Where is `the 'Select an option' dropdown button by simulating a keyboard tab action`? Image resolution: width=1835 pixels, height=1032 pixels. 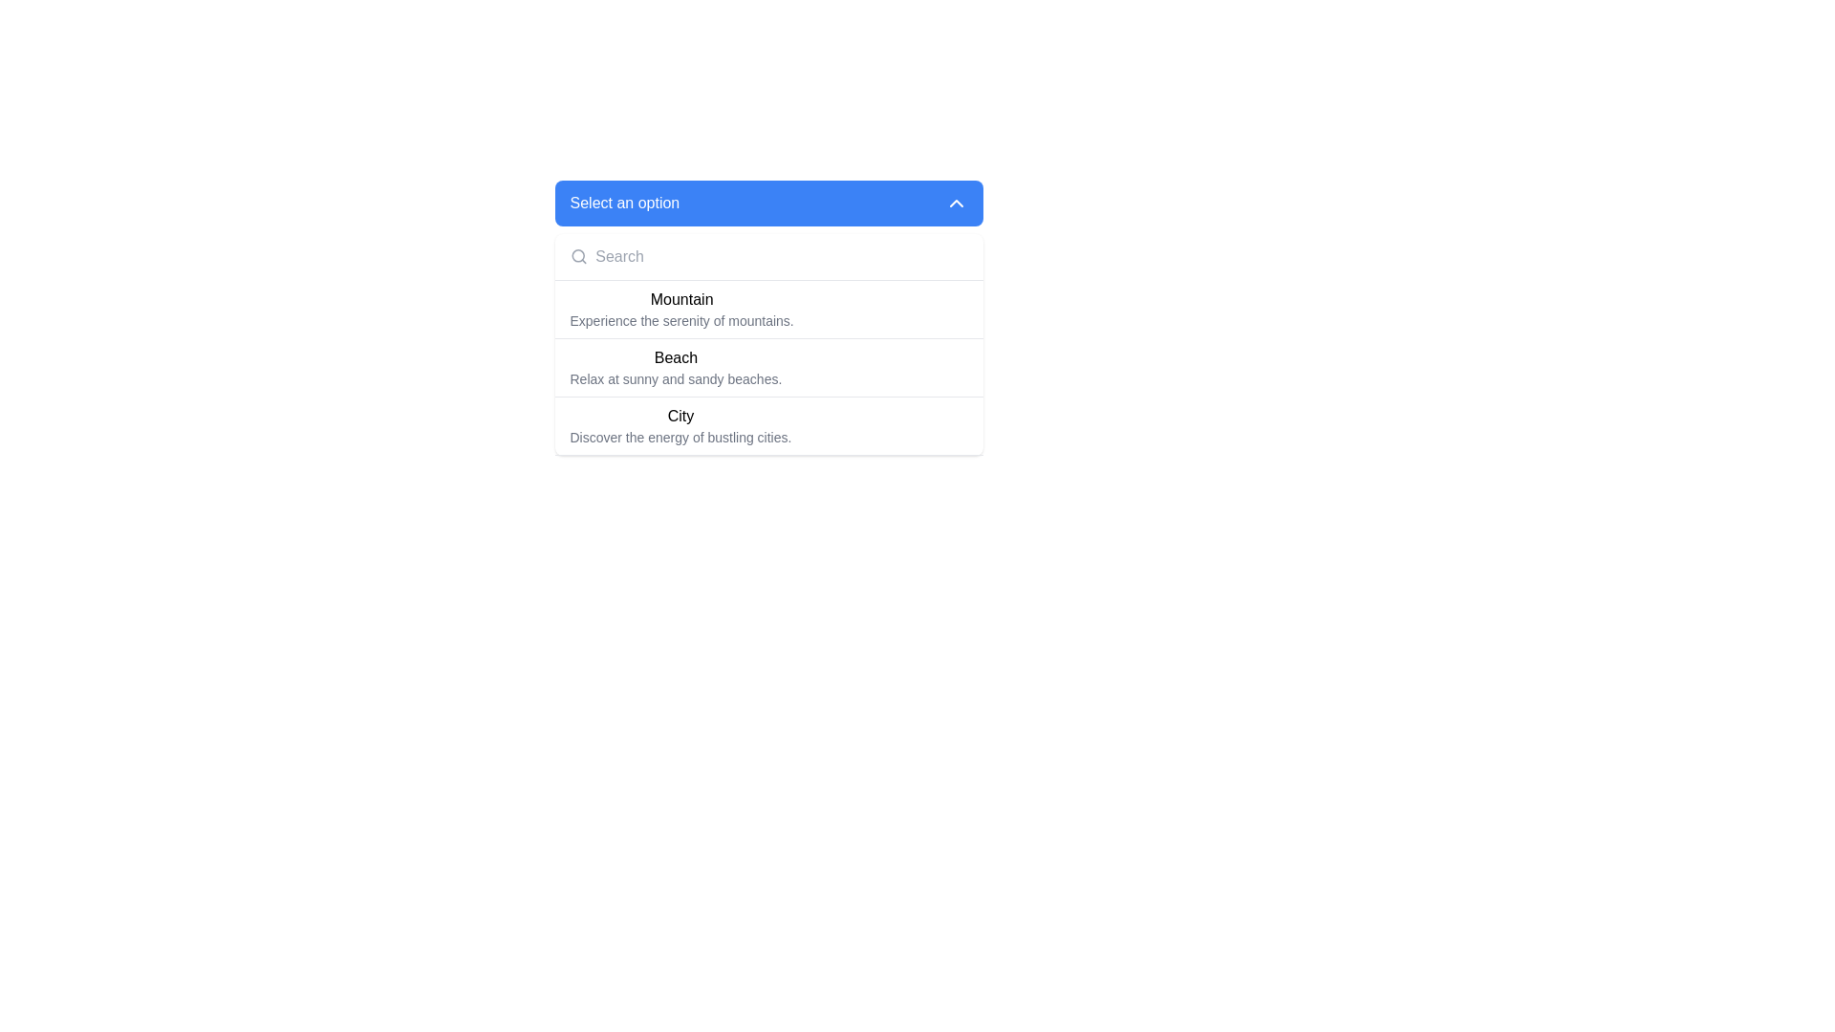
the 'Select an option' dropdown button by simulating a keyboard tab action is located at coordinates (768, 203).